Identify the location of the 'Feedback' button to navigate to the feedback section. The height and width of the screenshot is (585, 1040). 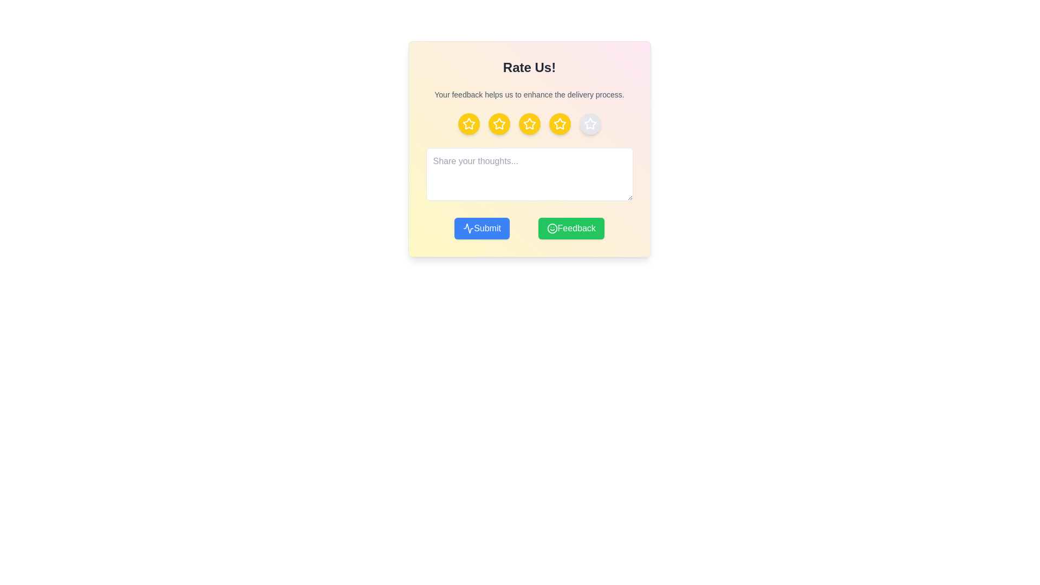
(570, 227).